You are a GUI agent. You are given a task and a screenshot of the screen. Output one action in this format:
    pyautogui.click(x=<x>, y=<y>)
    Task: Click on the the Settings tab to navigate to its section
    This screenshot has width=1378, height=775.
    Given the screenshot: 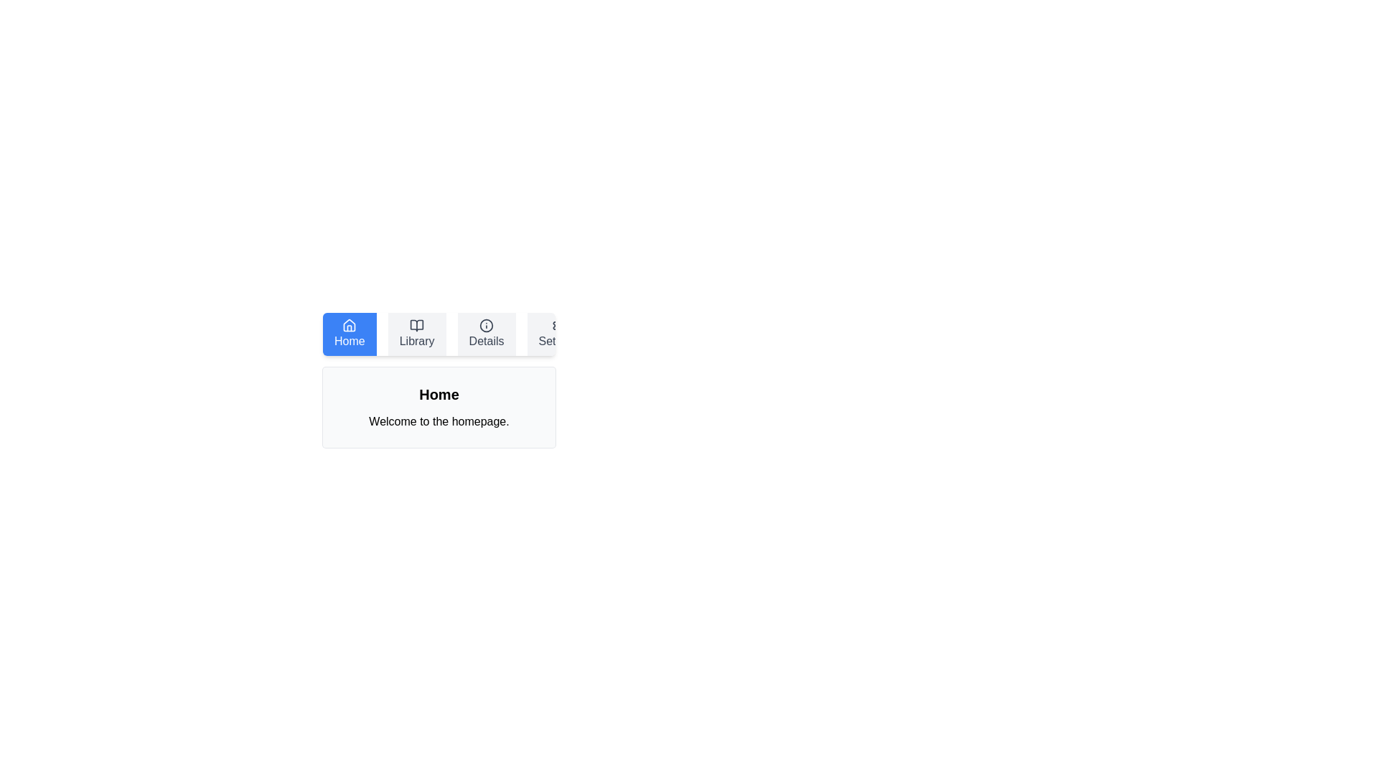 What is the action you would take?
    pyautogui.click(x=558, y=334)
    